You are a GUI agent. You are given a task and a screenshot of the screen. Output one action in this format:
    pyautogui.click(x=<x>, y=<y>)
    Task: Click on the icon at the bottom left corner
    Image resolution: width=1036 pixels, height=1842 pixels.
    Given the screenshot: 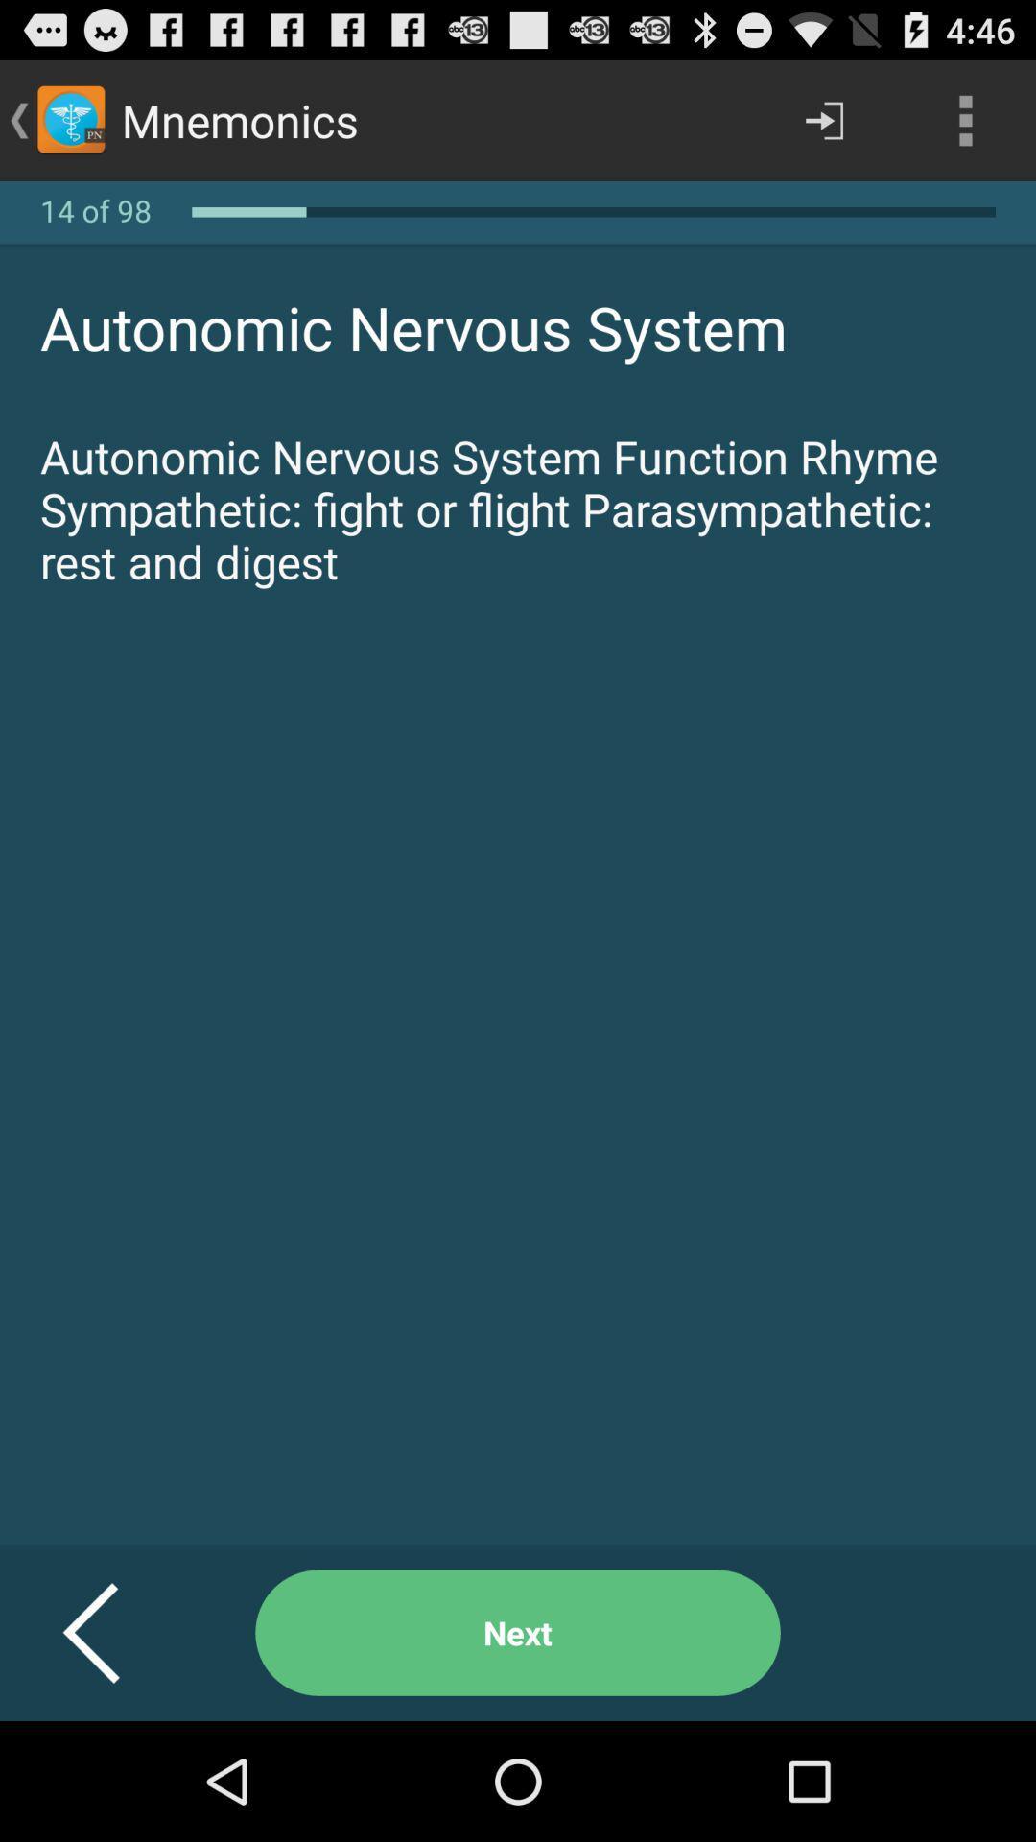 What is the action you would take?
    pyautogui.click(x=114, y=1632)
    